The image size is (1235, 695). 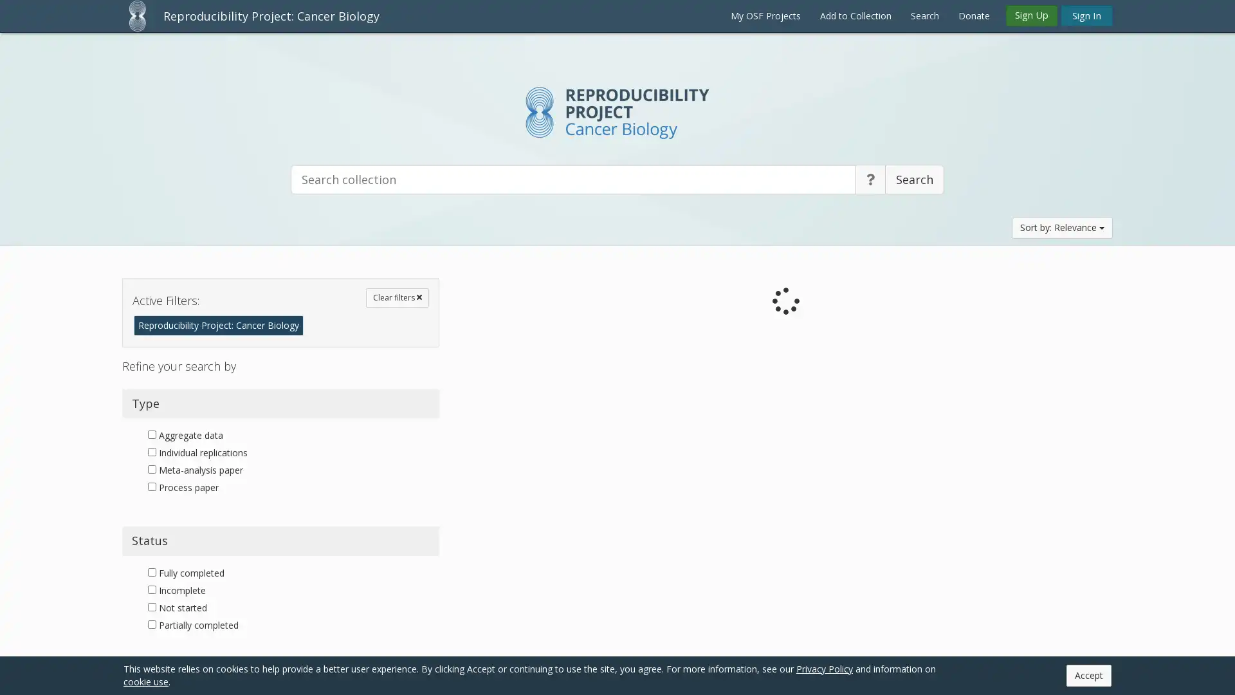 I want to click on Sort by: Relevance, so click(x=1062, y=227).